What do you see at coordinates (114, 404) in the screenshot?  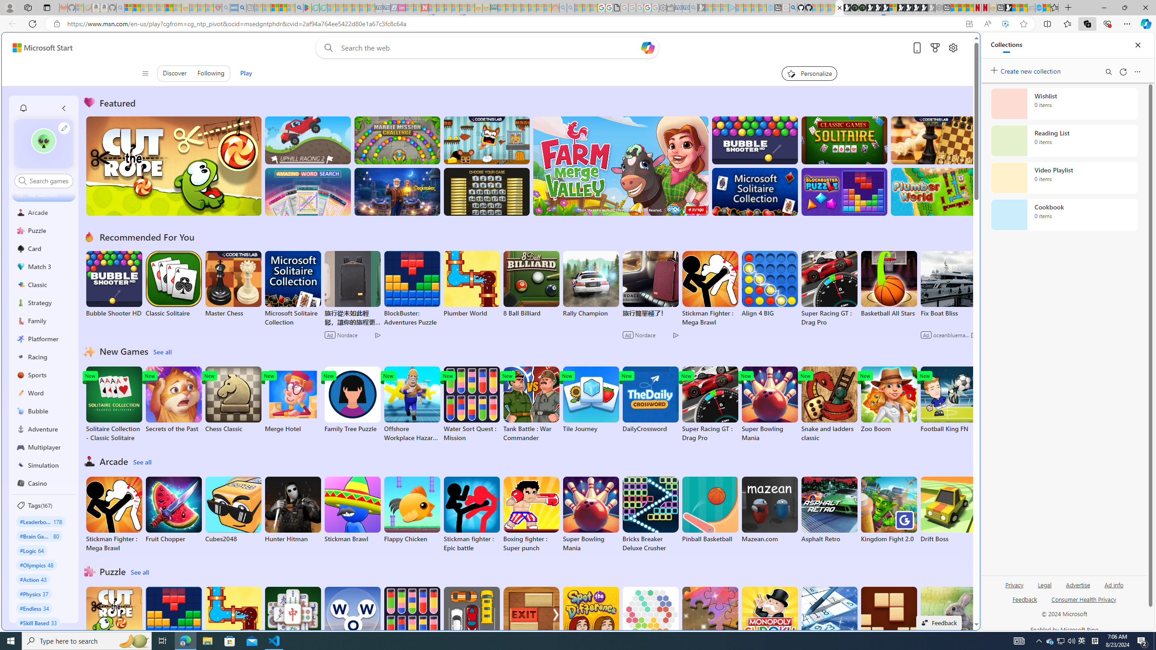 I see `'Solitaire Collection - Classic Solitaire'` at bounding box center [114, 404].